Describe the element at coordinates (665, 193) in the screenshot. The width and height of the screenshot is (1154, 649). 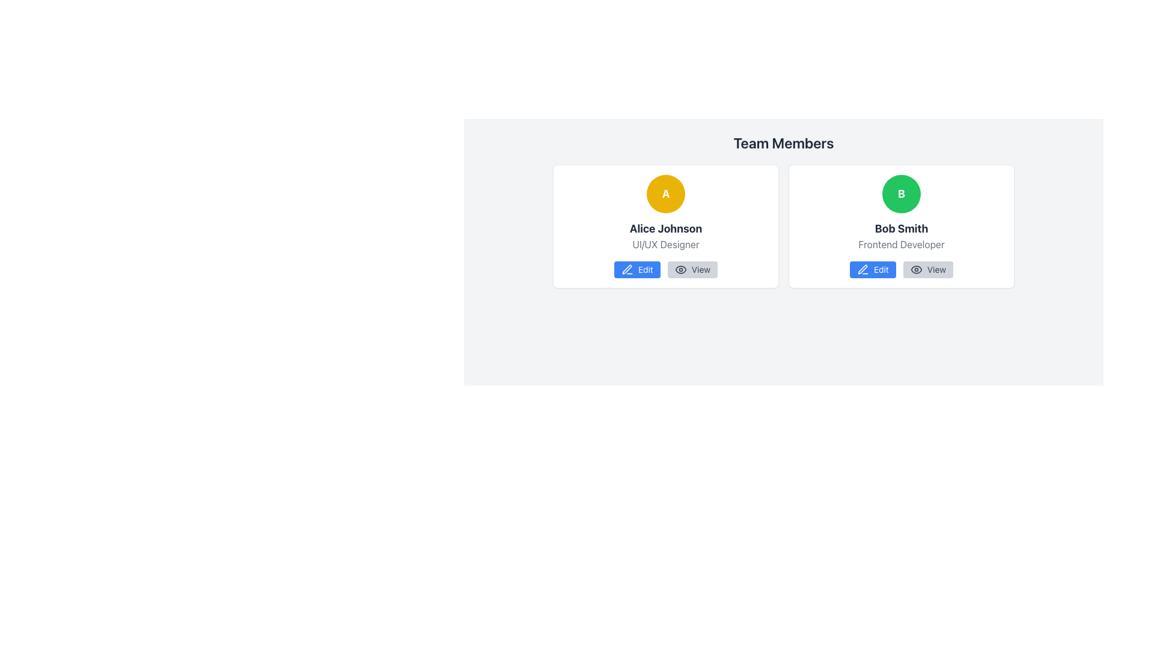
I see `the badge representing the user 'Alice Johnson', which is located at the upper center of the card labeled 'Alice Johnson' in the 'Team Members' section` at that location.